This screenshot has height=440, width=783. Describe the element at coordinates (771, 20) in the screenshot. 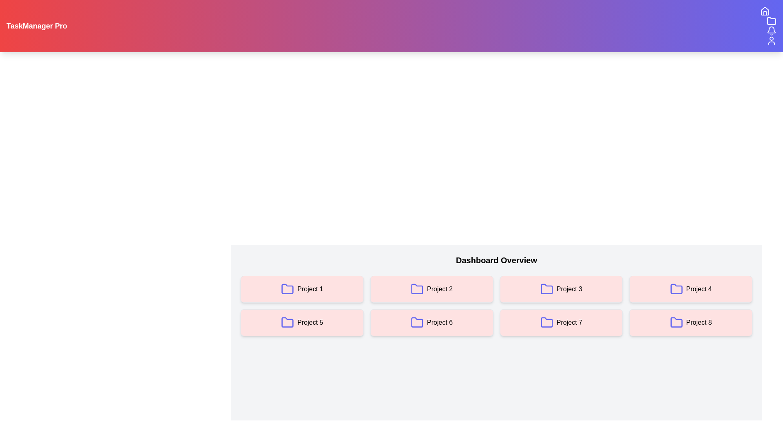

I see `the navigation icon Folder to perform its associated action` at that location.